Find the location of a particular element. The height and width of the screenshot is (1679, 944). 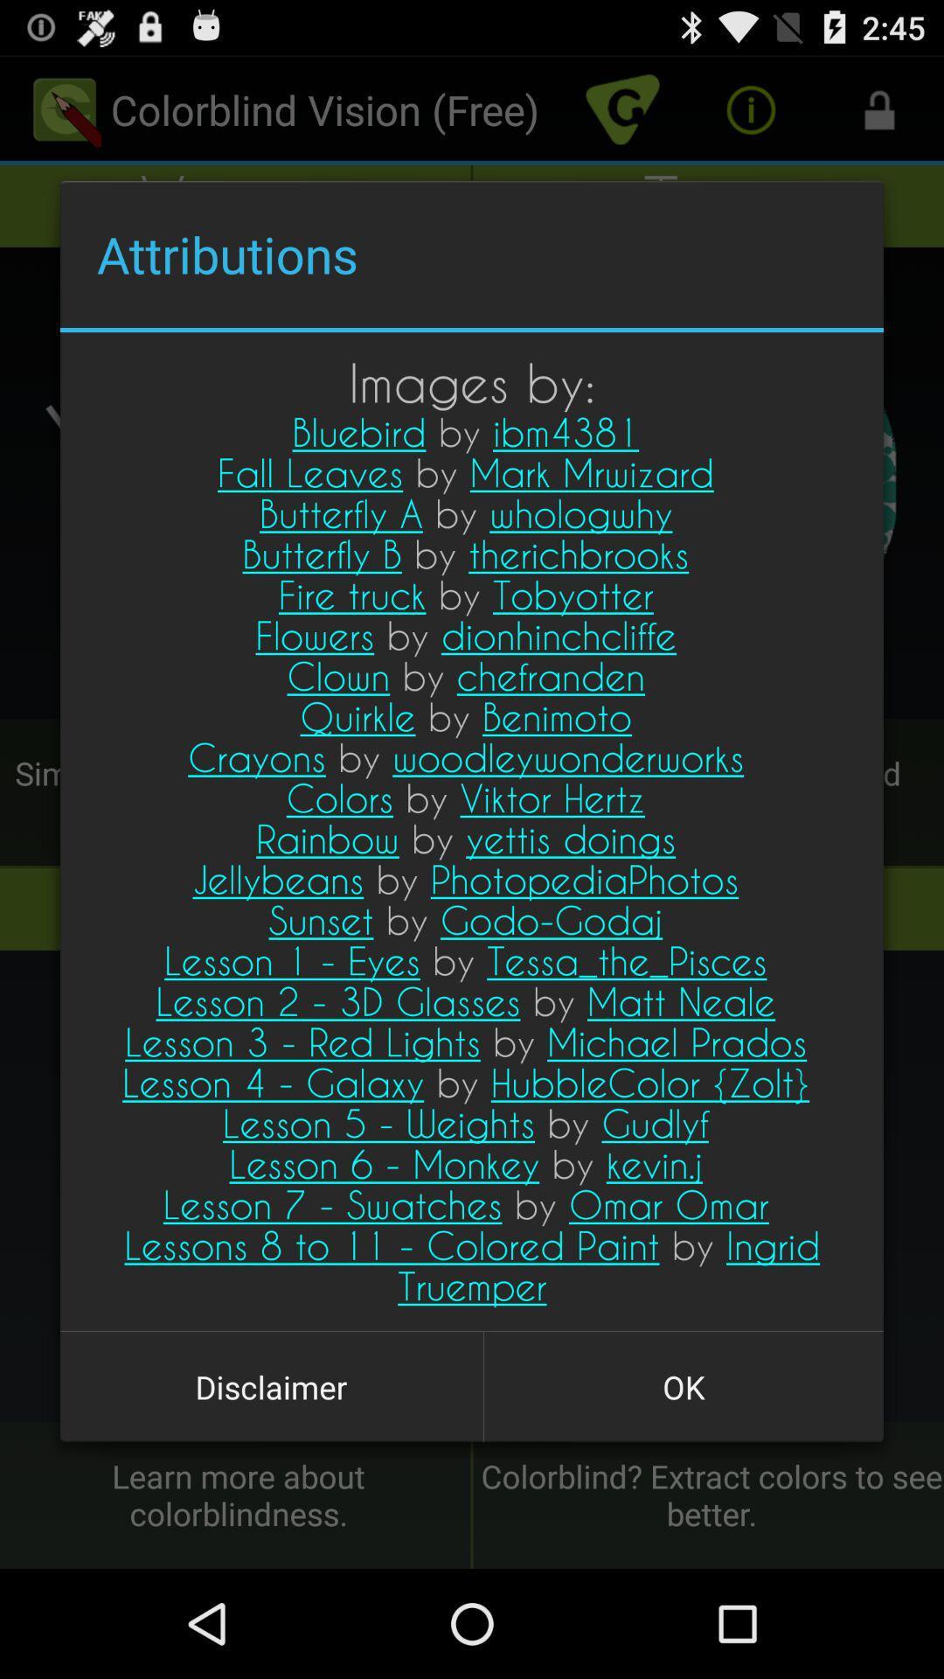

the ok icon is located at coordinates (683, 1386).